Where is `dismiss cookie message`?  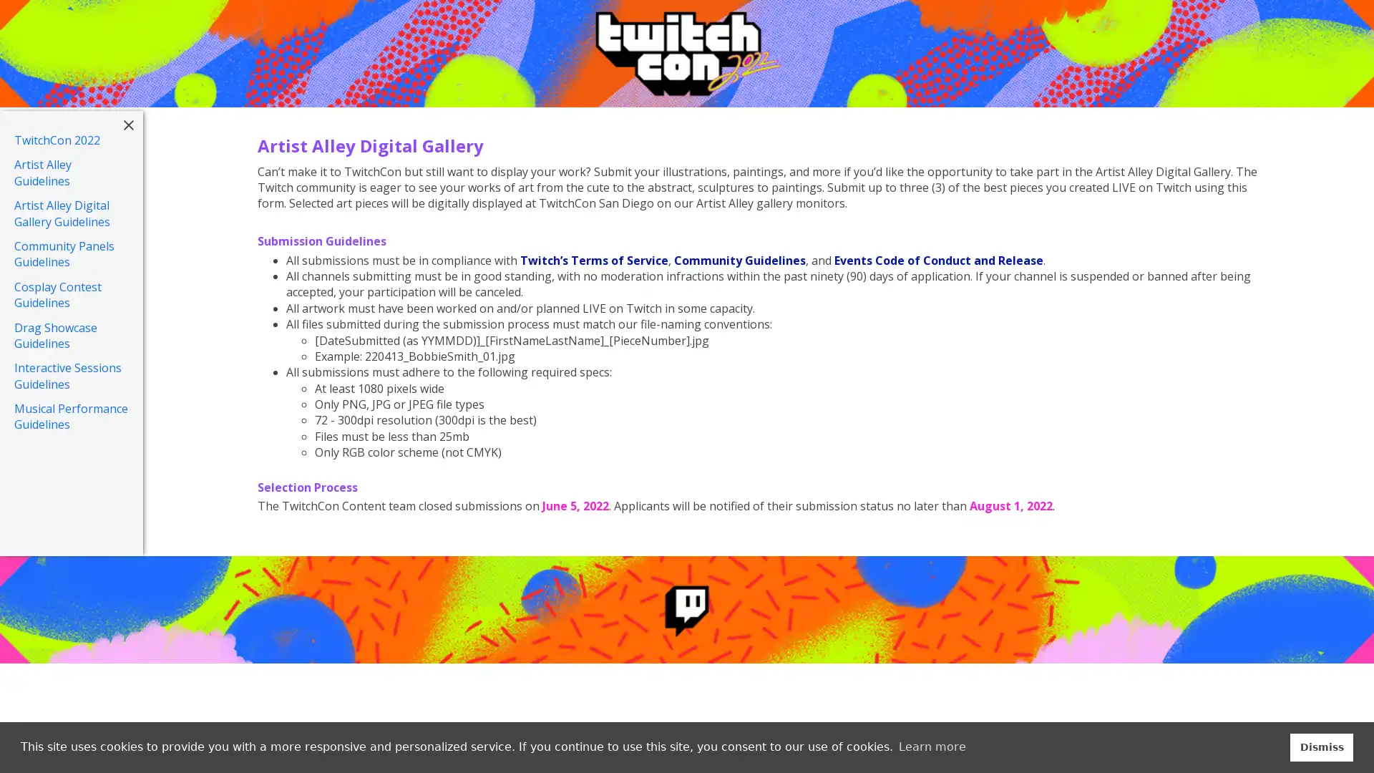 dismiss cookie message is located at coordinates (1321, 747).